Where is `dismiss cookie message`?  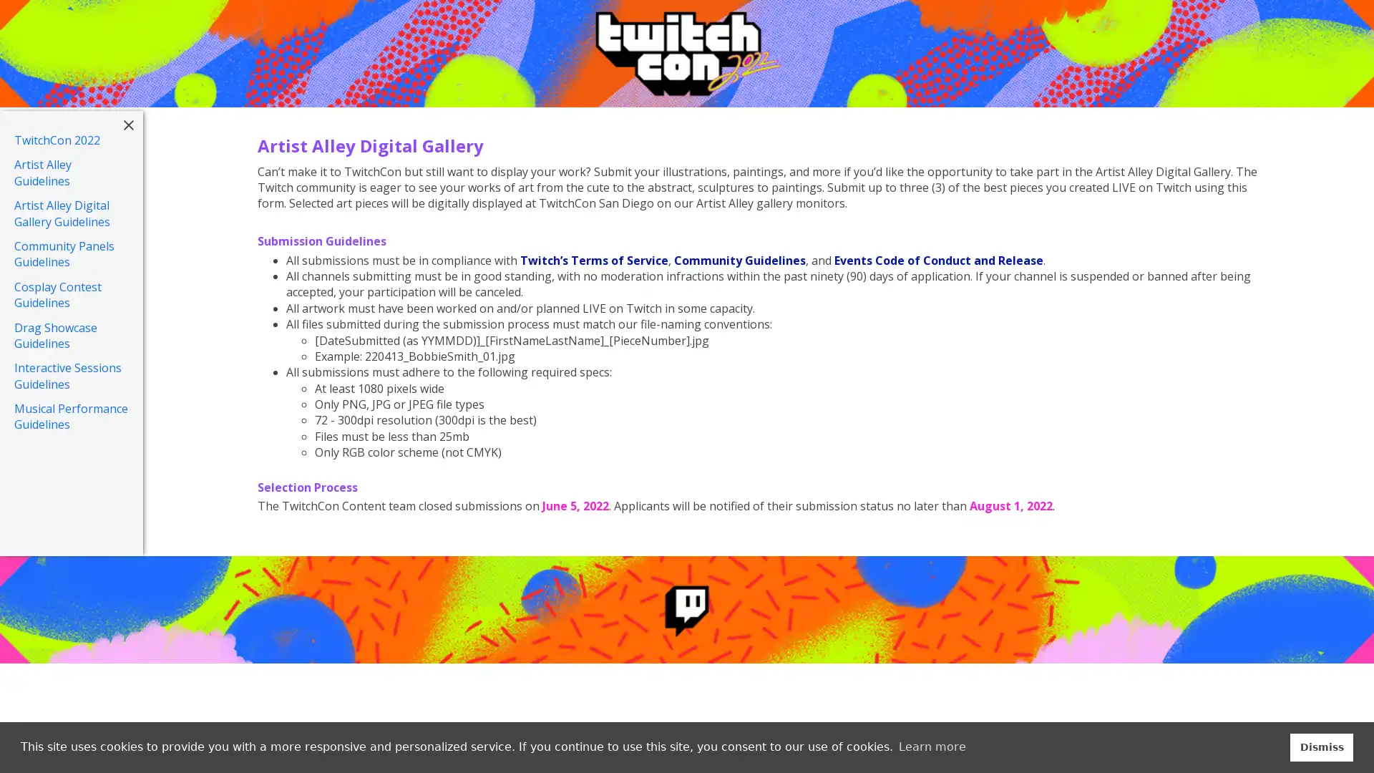 dismiss cookie message is located at coordinates (1321, 747).